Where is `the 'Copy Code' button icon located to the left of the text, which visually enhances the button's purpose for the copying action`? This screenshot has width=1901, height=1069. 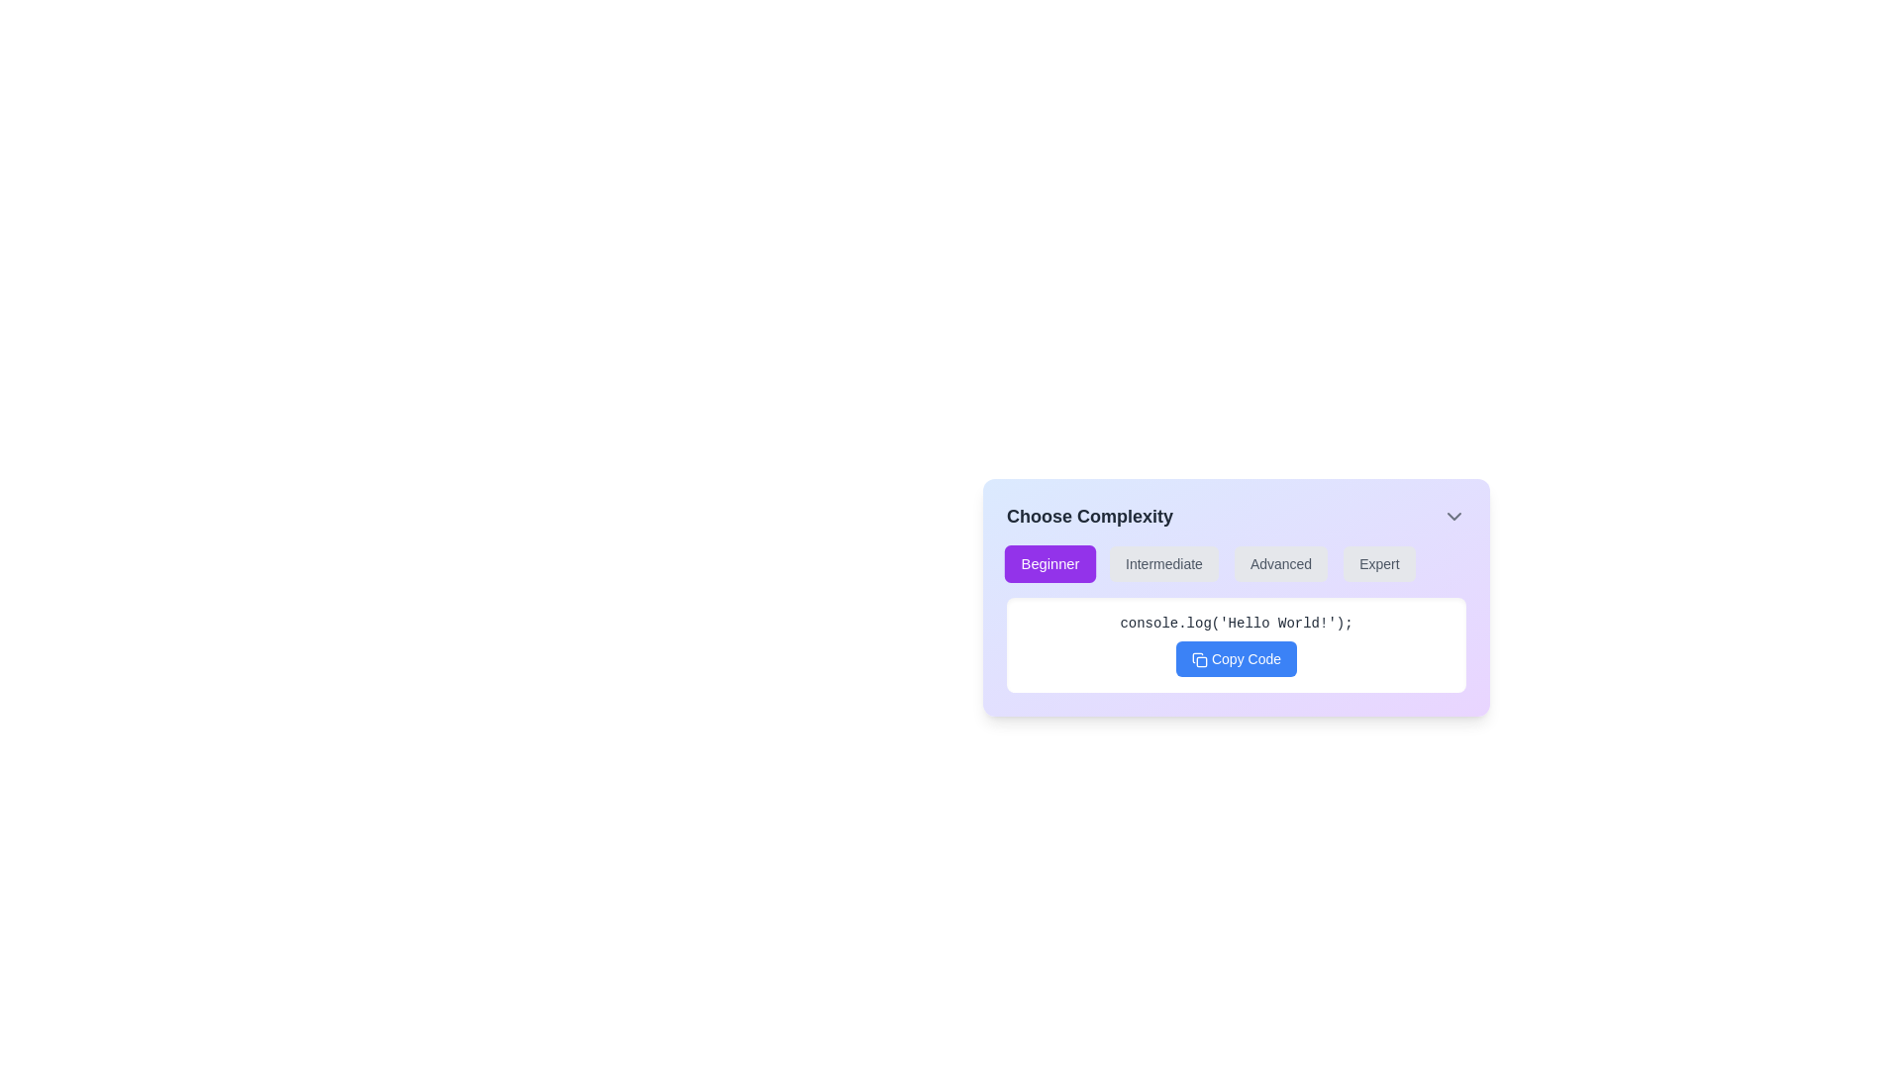 the 'Copy Code' button icon located to the left of the text, which visually enhances the button's purpose for the copying action is located at coordinates (1198, 660).